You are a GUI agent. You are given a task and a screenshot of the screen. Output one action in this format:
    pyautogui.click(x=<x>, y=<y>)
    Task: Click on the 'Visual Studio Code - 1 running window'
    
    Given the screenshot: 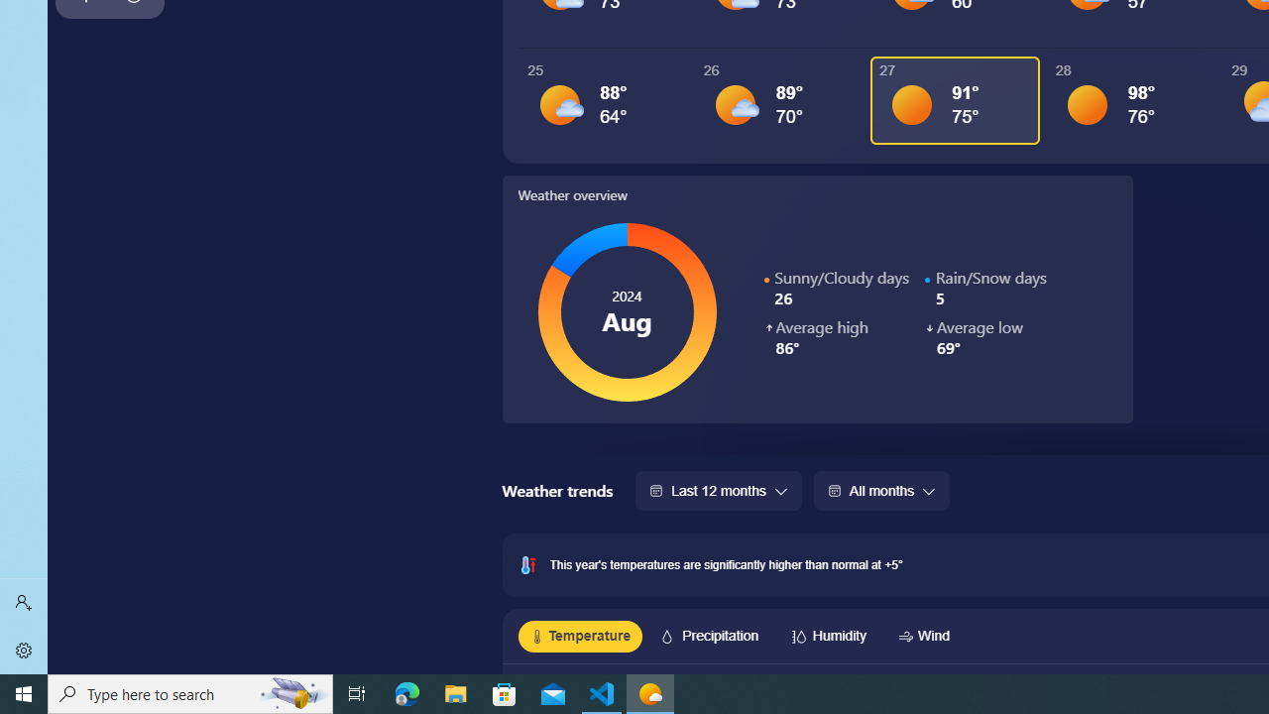 What is the action you would take?
    pyautogui.click(x=601, y=692)
    